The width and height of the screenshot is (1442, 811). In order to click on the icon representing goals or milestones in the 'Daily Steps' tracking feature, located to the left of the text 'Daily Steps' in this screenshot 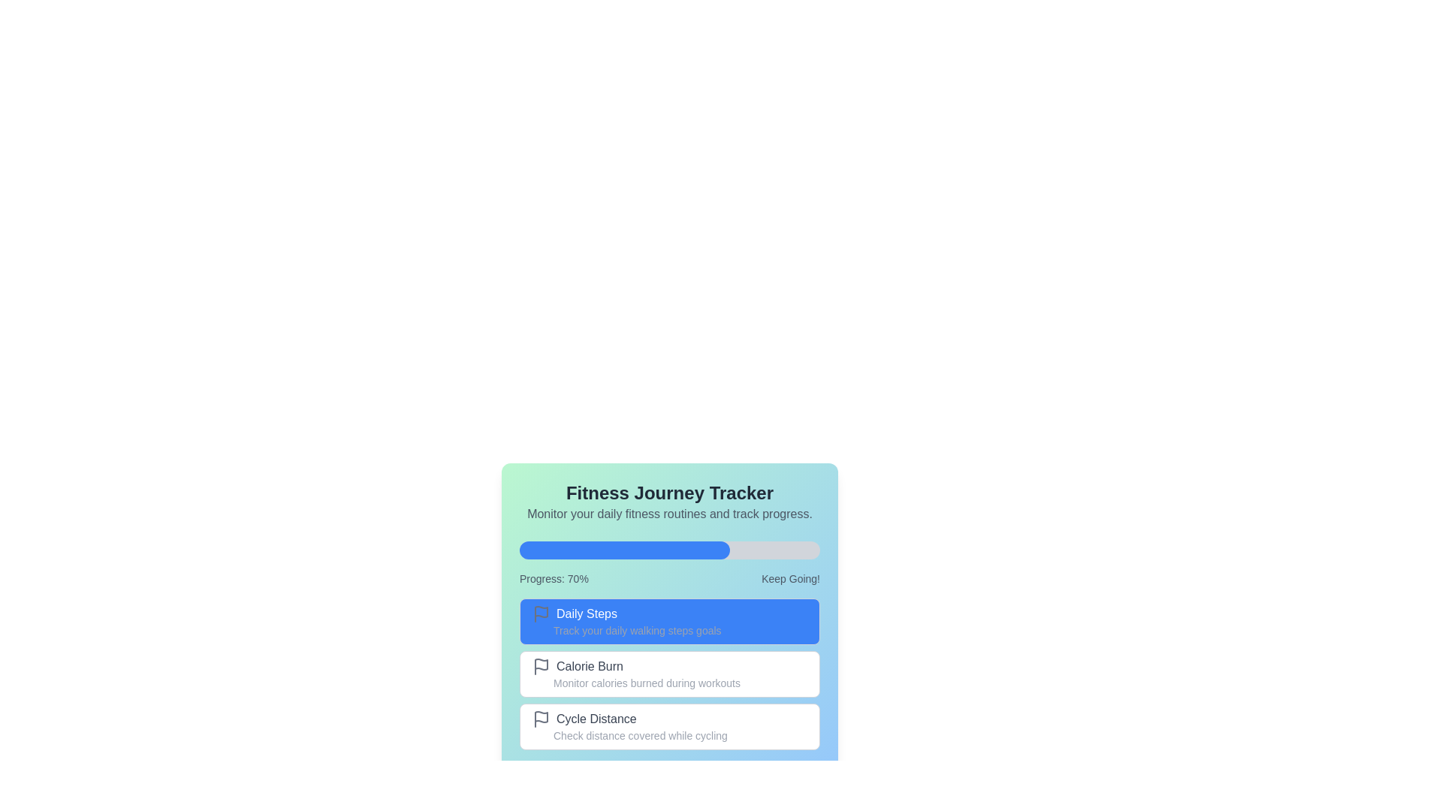, I will do `click(541, 614)`.